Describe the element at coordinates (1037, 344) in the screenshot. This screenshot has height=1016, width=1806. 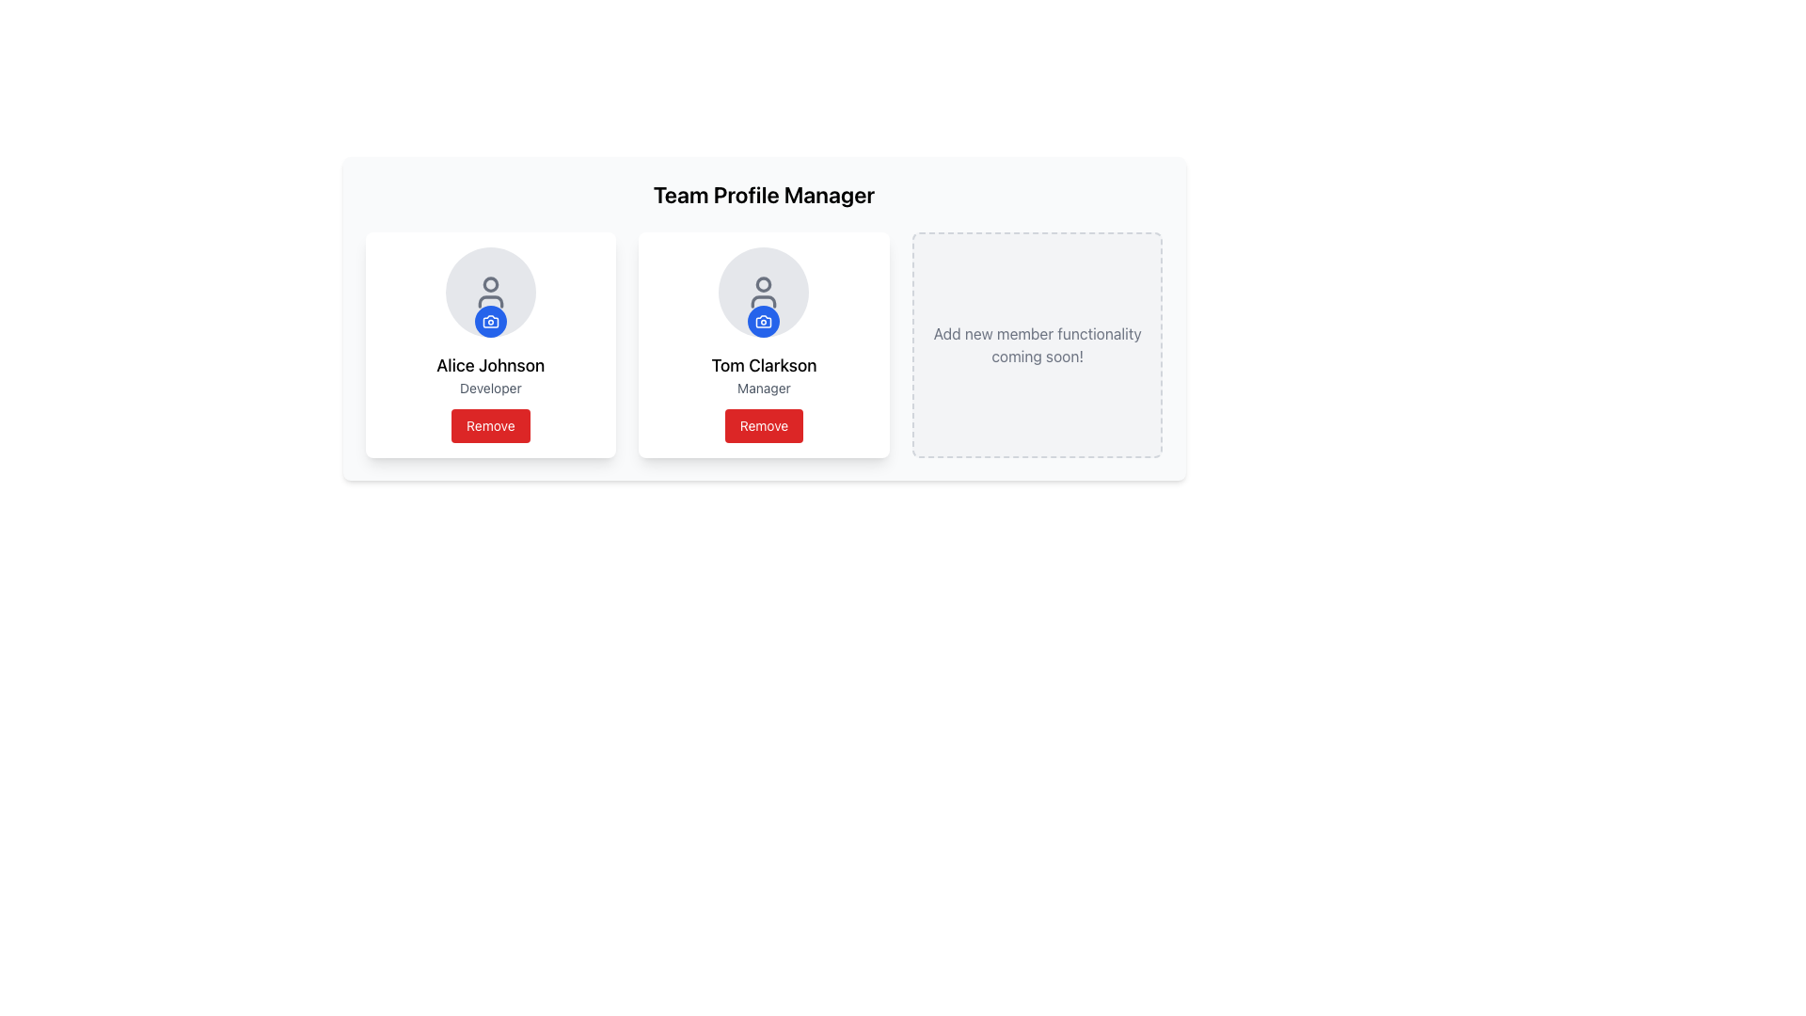
I see `the Informational Placeholder which has a dashed gray border and light gray background, displaying the text 'Add new member functionality coming soon!'` at that location.